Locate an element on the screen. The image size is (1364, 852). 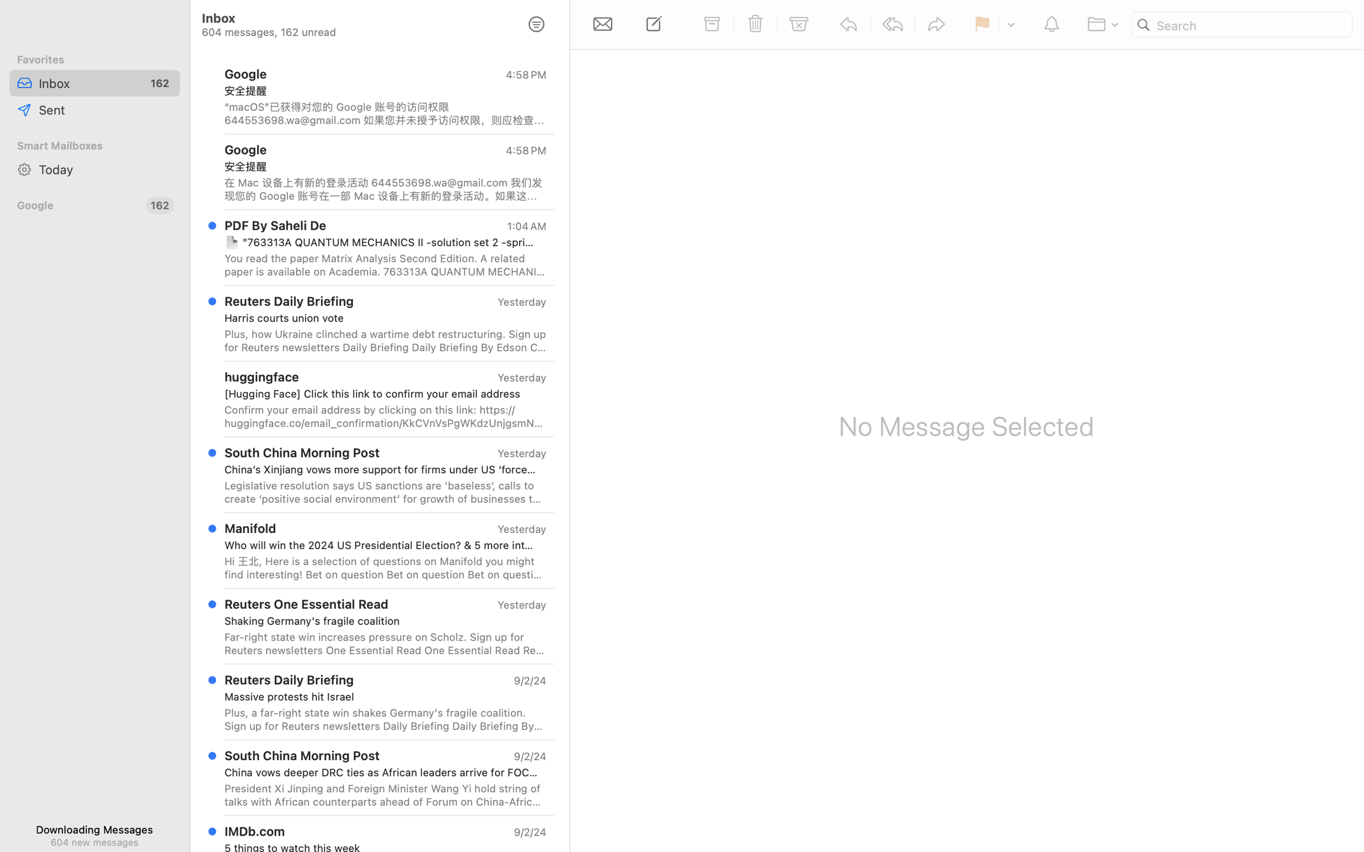
'China’s Xinjiang vows more support for firms under US ‘forced labour’ sanctions' is located at coordinates (381, 469).